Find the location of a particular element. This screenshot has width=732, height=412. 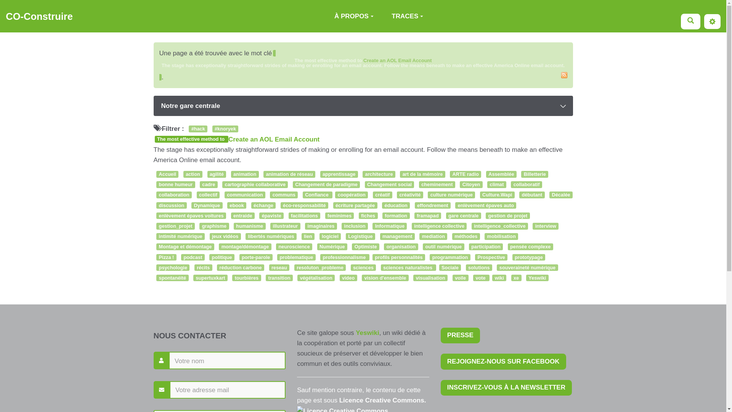

'Create an AOL Email Account' is located at coordinates (228, 139).